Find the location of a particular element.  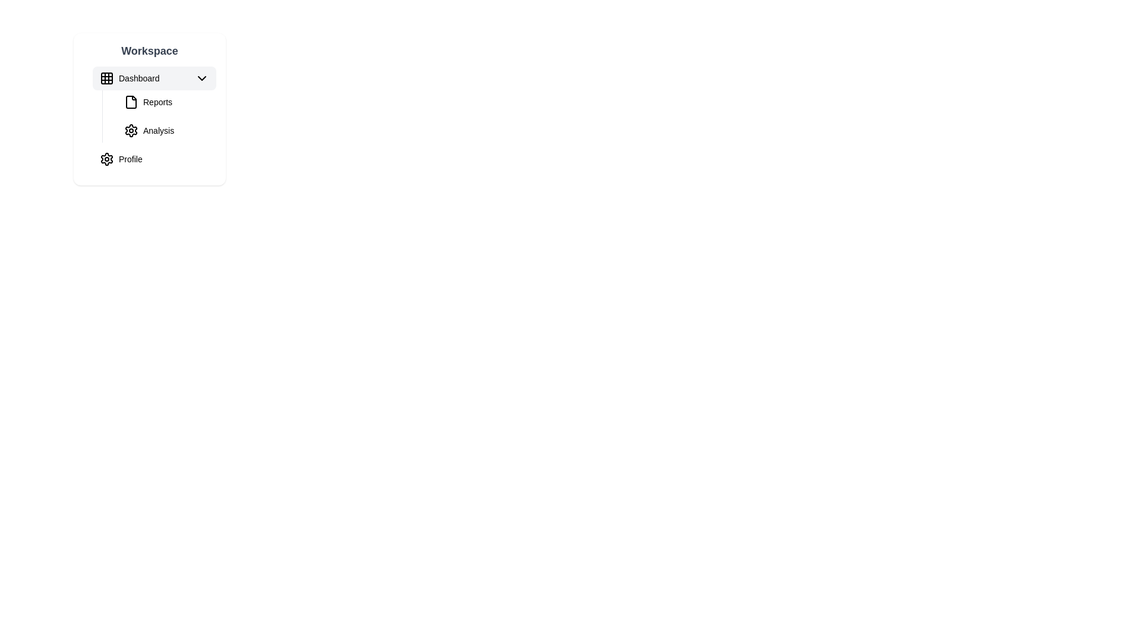

the gear-shaped icon representing settings, located next to the 'Analysis' label is located at coordinates (131, 130).